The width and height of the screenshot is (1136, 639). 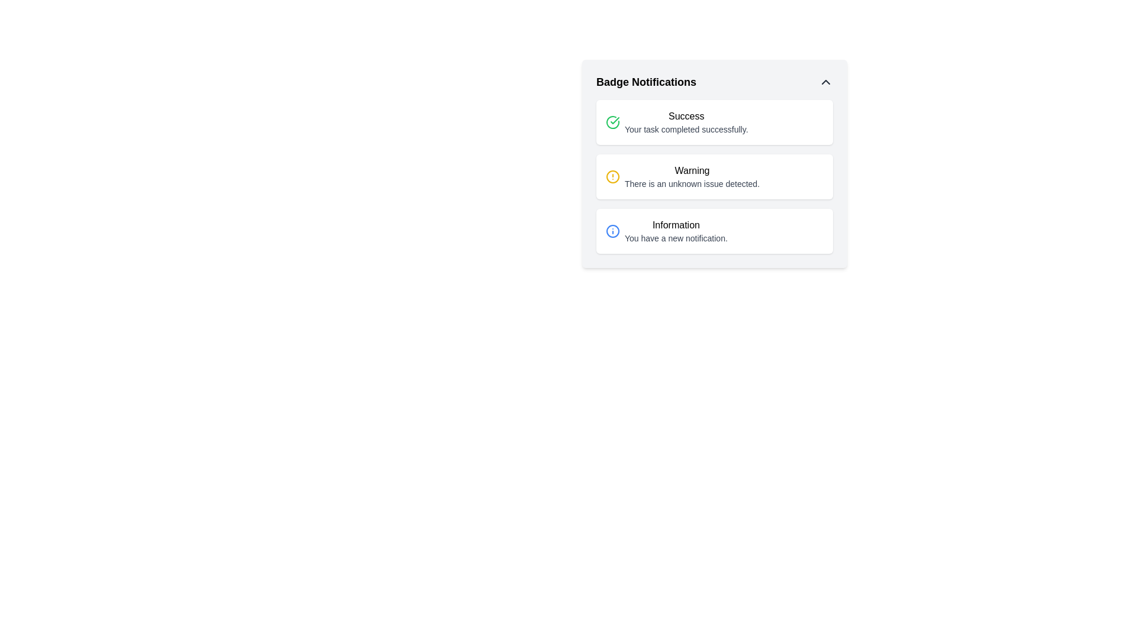 I want to click on the text label that reads 'There is an unknown issue detected.' located below the 'Warning' header in the second message box of the notification list, so click(x=692, y=184).